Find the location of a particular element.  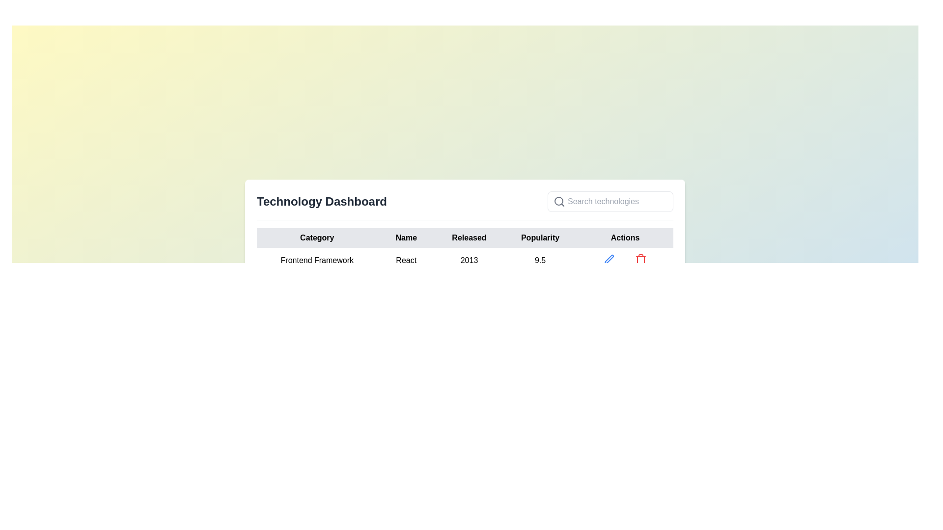

the 'Category' header cell in the top row of the table, which is the leftmost column header among 'Name', 'Released', 'Popularity', and 'Actions' is located at coordinates (317, 238).